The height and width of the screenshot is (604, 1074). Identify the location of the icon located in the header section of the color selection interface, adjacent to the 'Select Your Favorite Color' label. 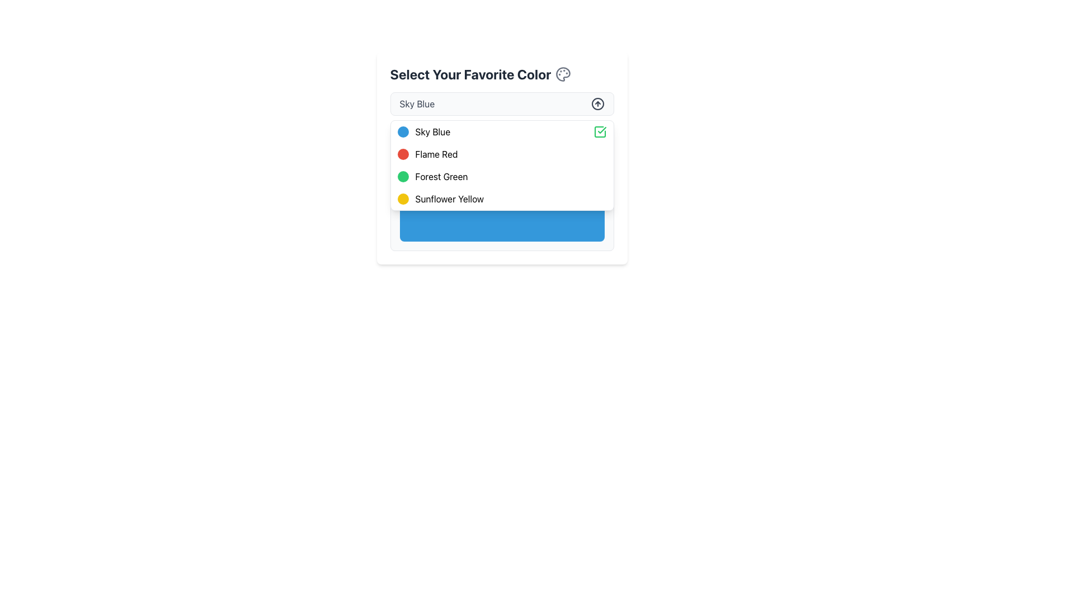
(563, 74).